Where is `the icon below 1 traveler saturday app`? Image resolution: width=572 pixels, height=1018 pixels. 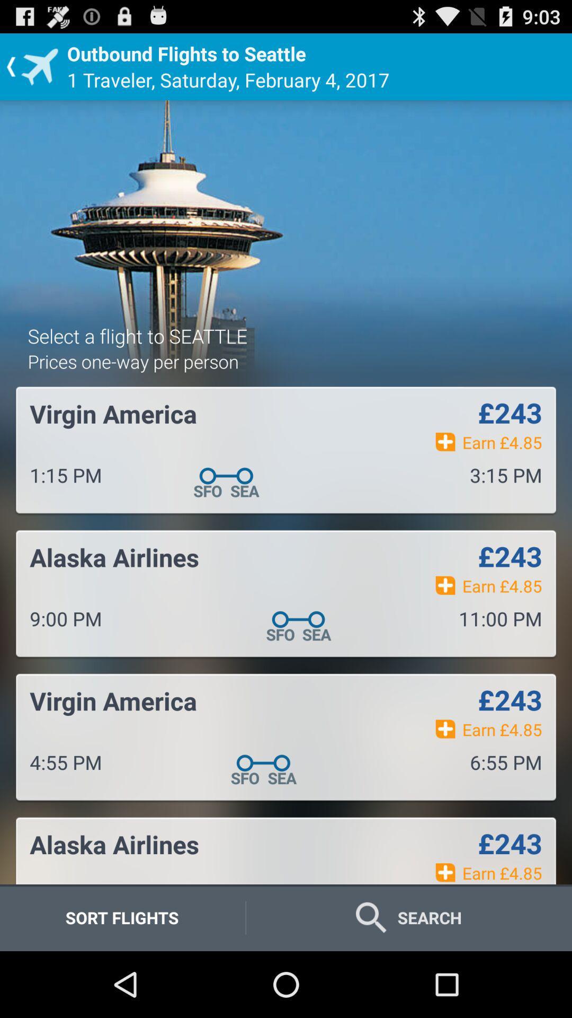
the icon below 1 traveler saturday app is located at coordinates (137, 335).